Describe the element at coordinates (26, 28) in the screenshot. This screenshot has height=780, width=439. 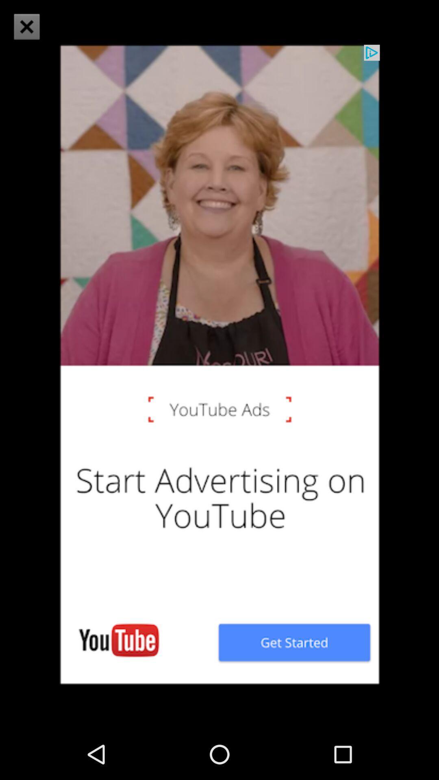
I see `the close icon` at that location.